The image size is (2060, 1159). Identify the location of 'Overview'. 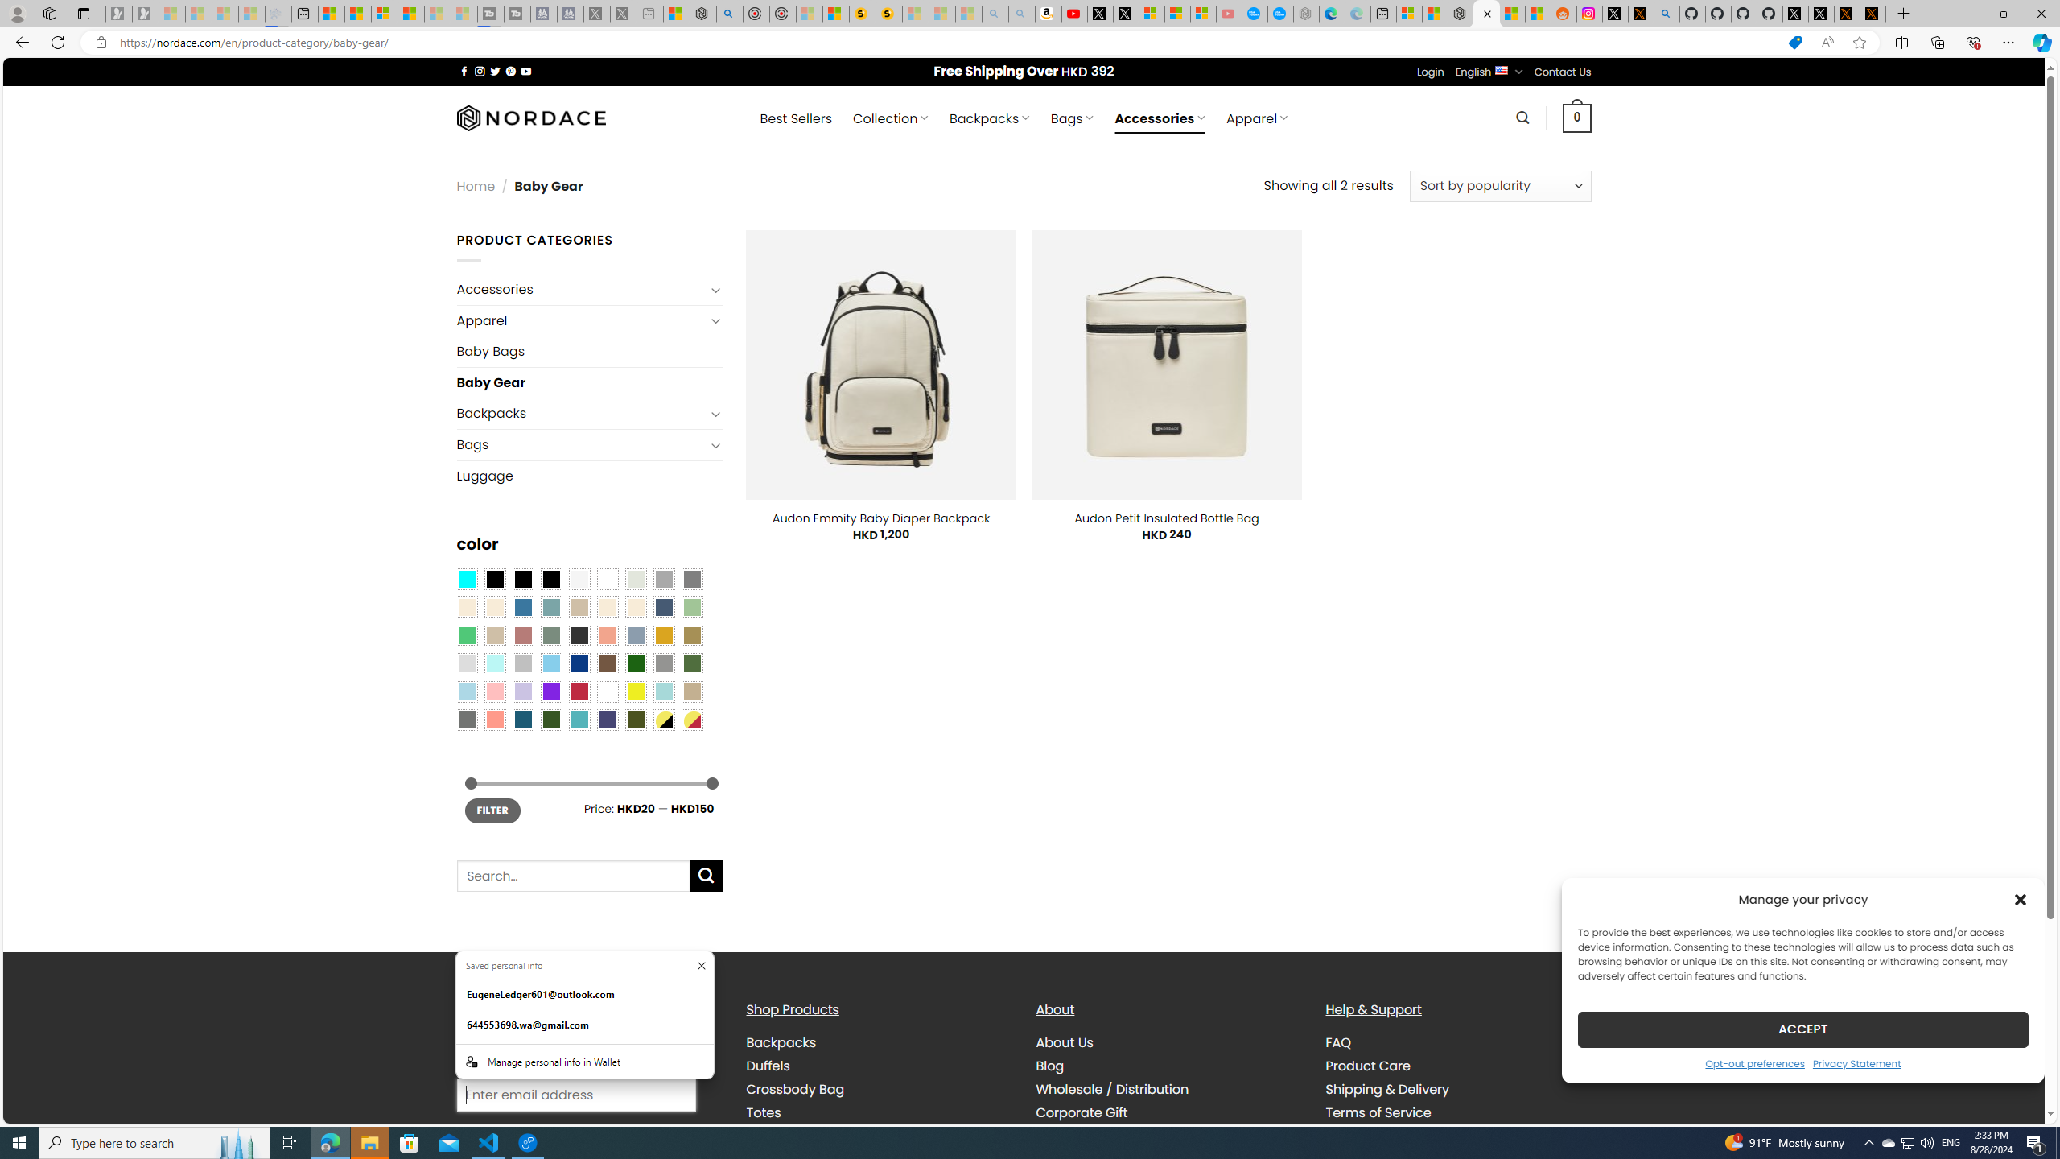
(383, 13).